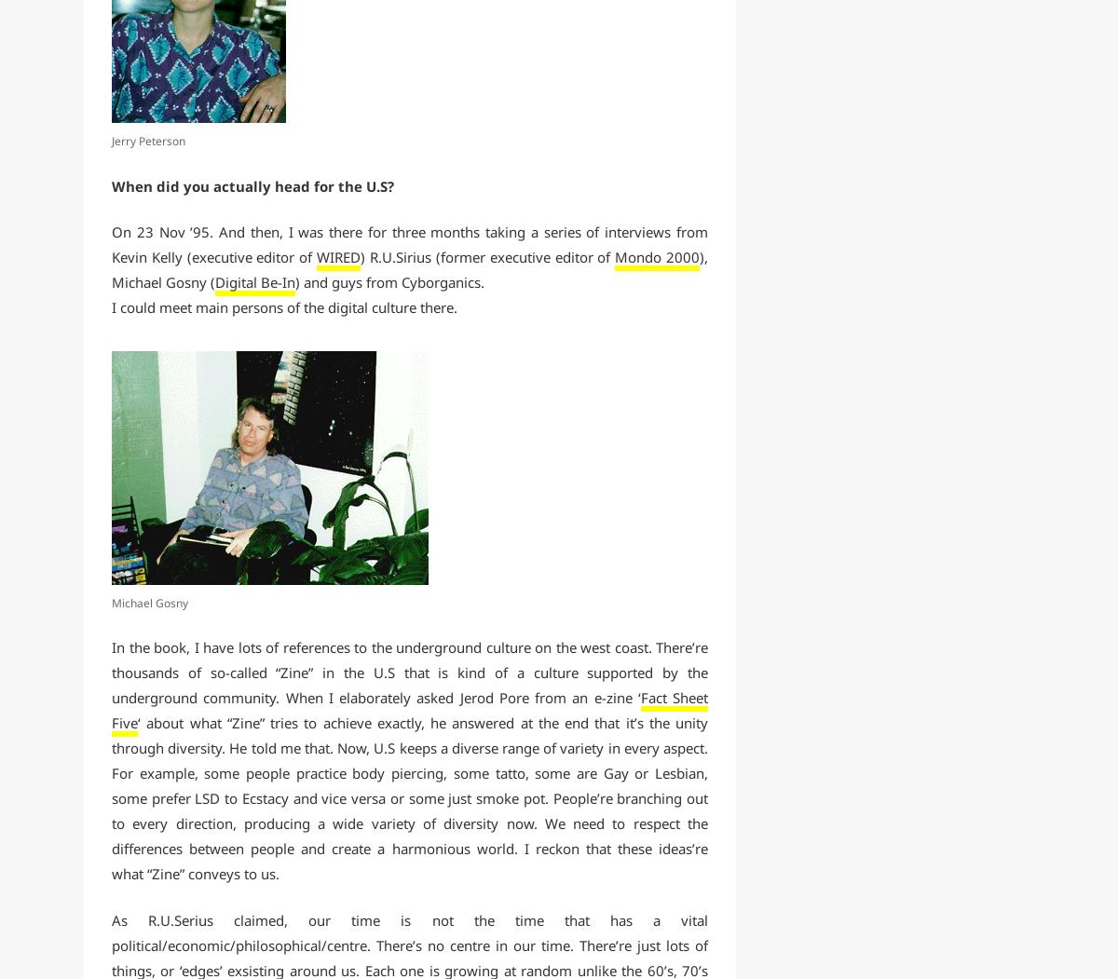 This screenshot has height=979, width=1118. I want to click on 'In the book, I have lots of references to the underground culture on the west coast. There’re thousands of so-called “Zine” in the U.S that is kind of a culture supported by the underground community. When I elaborately asked Jerod Pore from an e-zine ‘', so click(410, 672).